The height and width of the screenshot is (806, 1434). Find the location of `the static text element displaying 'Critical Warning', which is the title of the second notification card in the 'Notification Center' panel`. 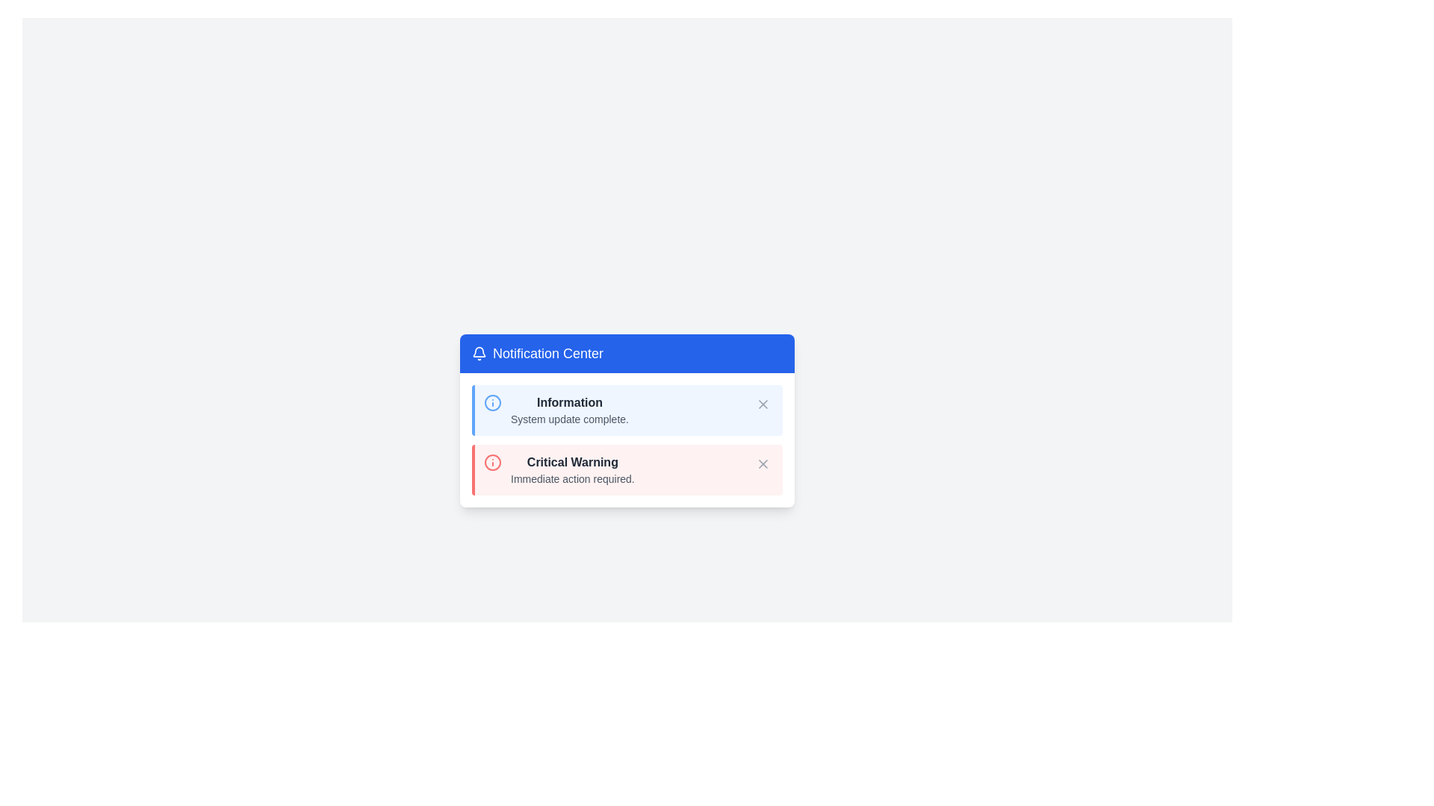

the static text element displaying 'Critical Warning', which is the title of the second notification card in the 'Notification Center' panel is located at coordinates (571, 462).